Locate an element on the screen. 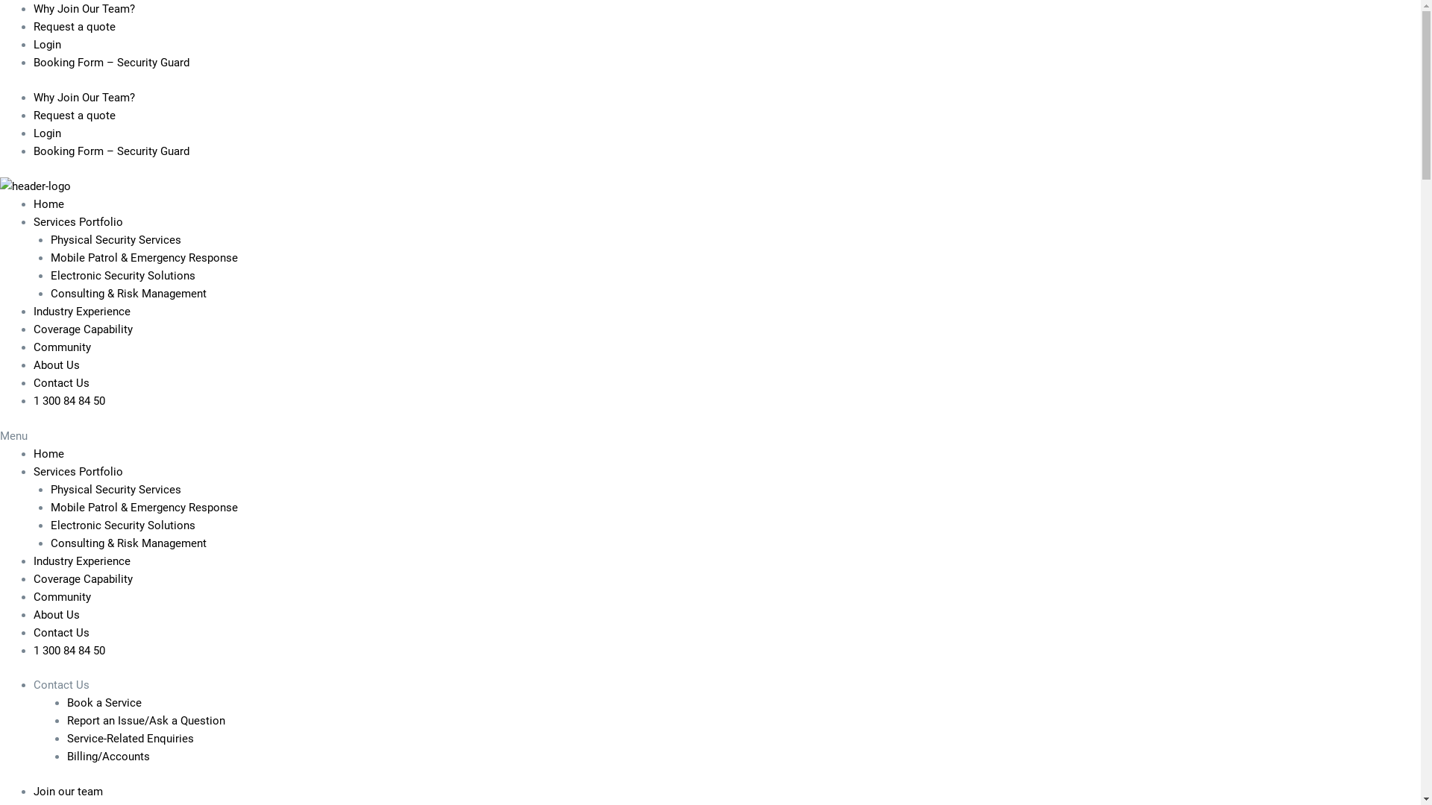 Image resolution: width=1432 pixels, height=805 pixels. 'Community' is located at coordinates (61, 596).